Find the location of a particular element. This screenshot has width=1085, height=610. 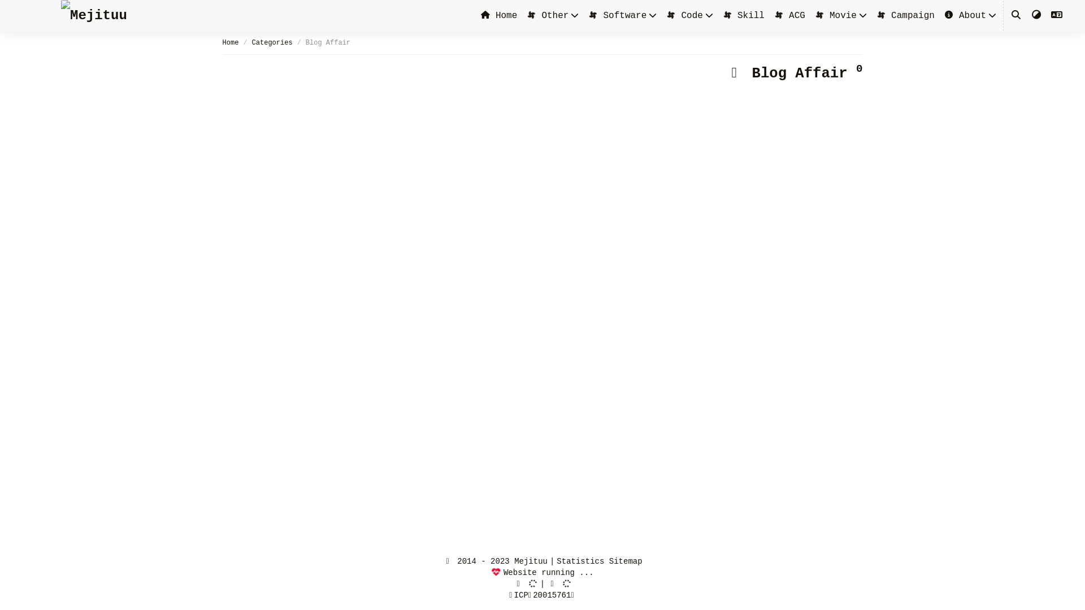

'Switch Theme' is located at coordinates (1036, 15).